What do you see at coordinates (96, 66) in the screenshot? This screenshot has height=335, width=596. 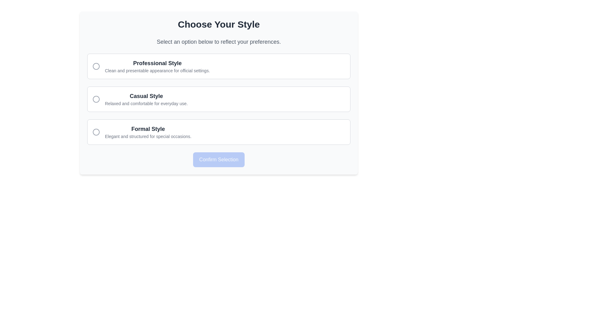 I see `the circular radio button with a thin outline and a filled dot in the center, located on the left side of the 'Professional Style' option in the vertical list of styles` at bounding box center [96, 66].